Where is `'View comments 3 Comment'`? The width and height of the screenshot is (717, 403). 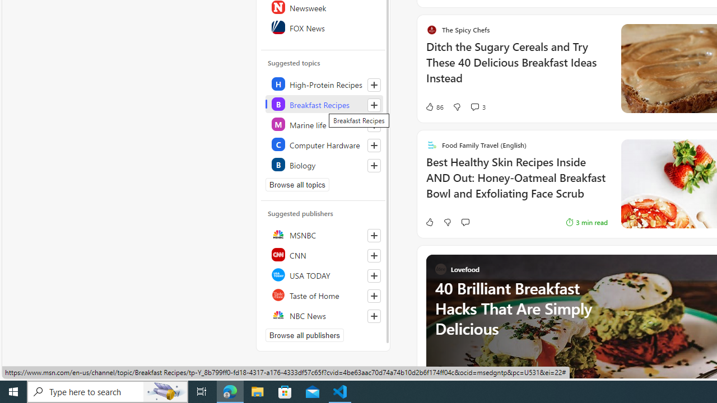
'View comments 3 Comment' is located at coordinates (474, 106).